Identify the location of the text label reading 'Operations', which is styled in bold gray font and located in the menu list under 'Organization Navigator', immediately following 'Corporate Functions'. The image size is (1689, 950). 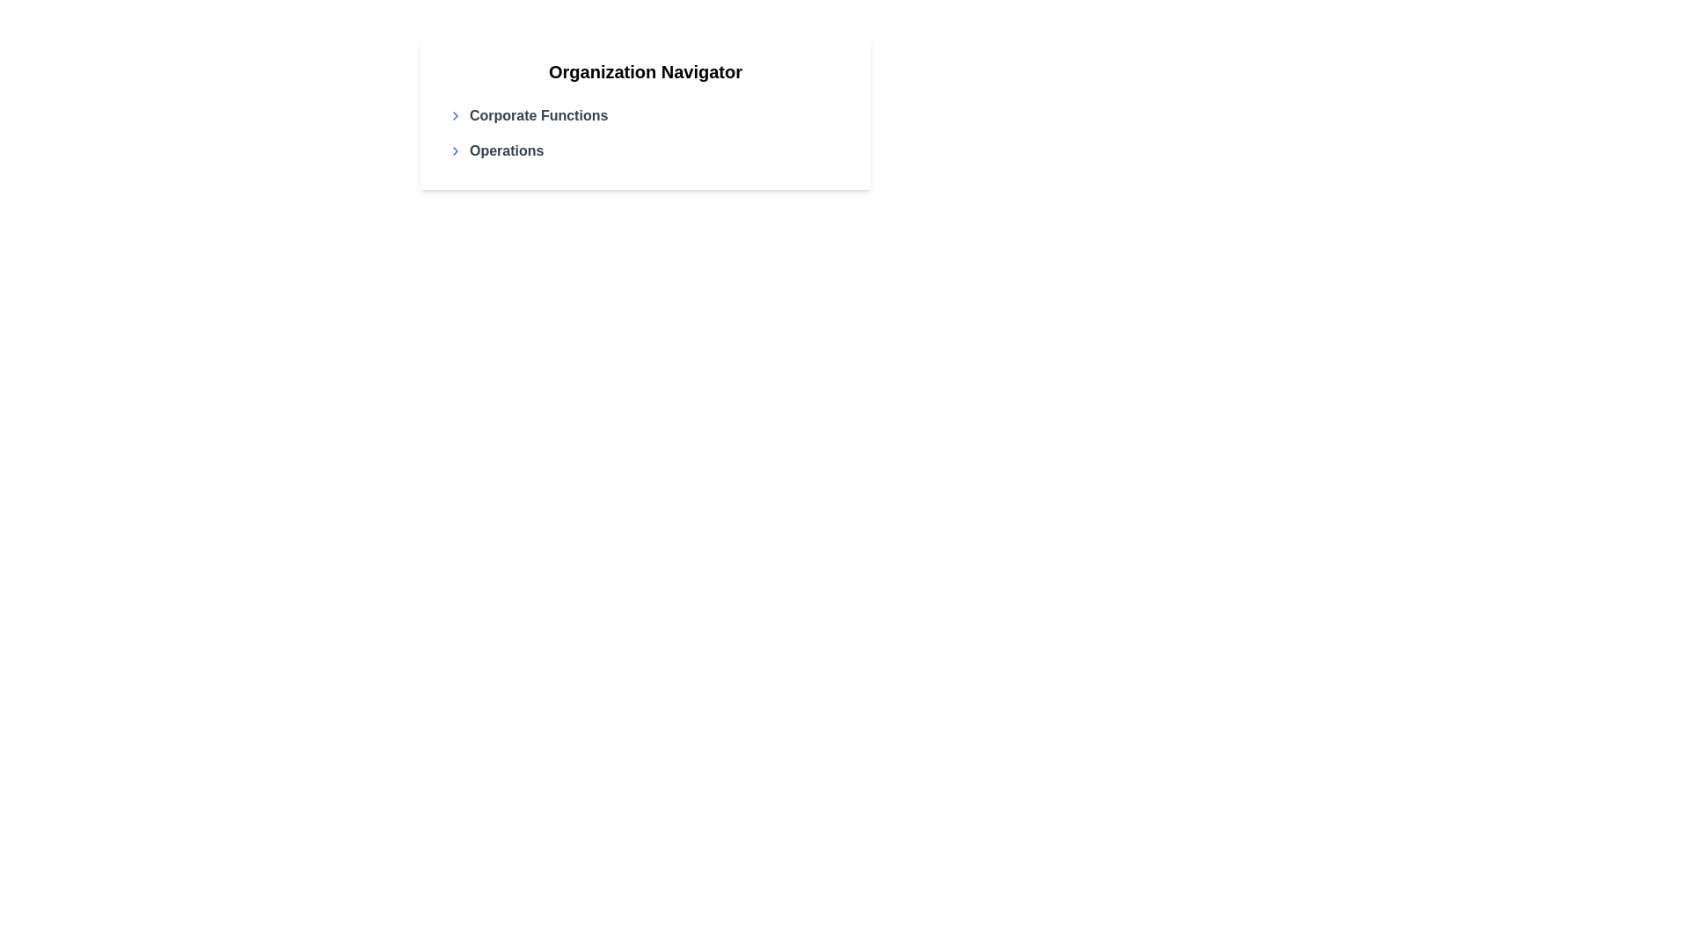
(506, 150).